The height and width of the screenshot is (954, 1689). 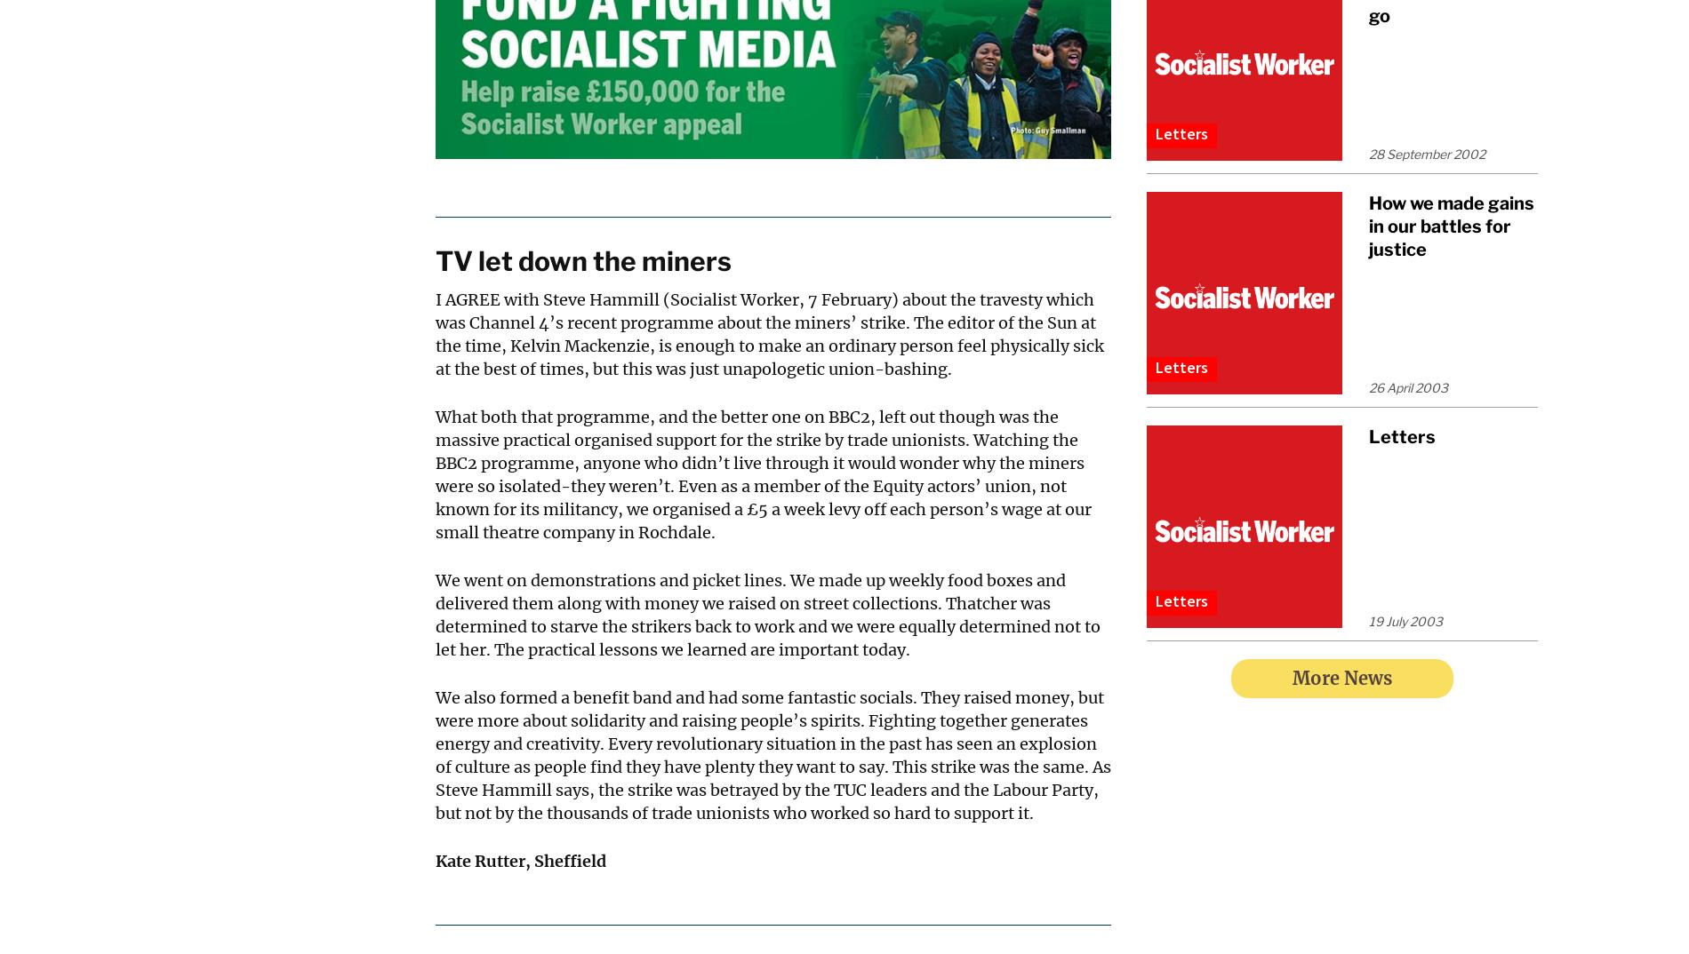 What do you see at coordinates (1427, 154) in the screenshot?
I see `'28 September 2002'` at bounding box center [1427, 154].